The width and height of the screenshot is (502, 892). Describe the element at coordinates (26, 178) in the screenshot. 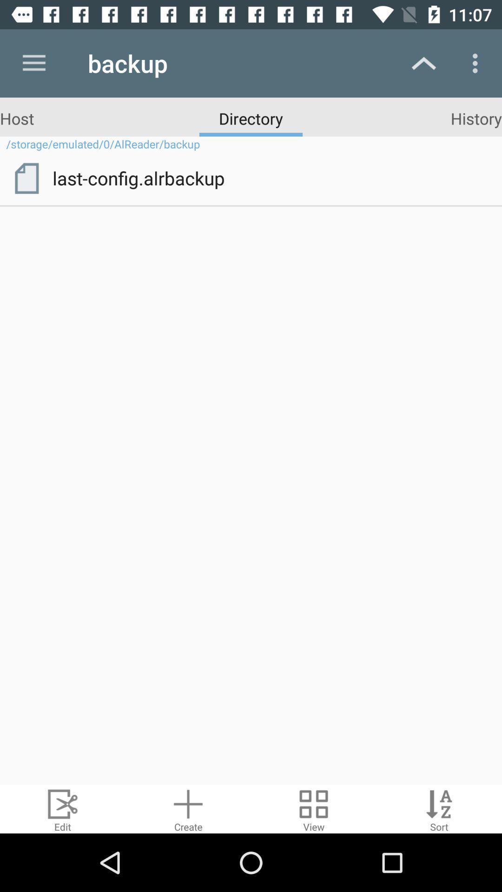

I see `item next to the last-config.alrbackup` at that location.